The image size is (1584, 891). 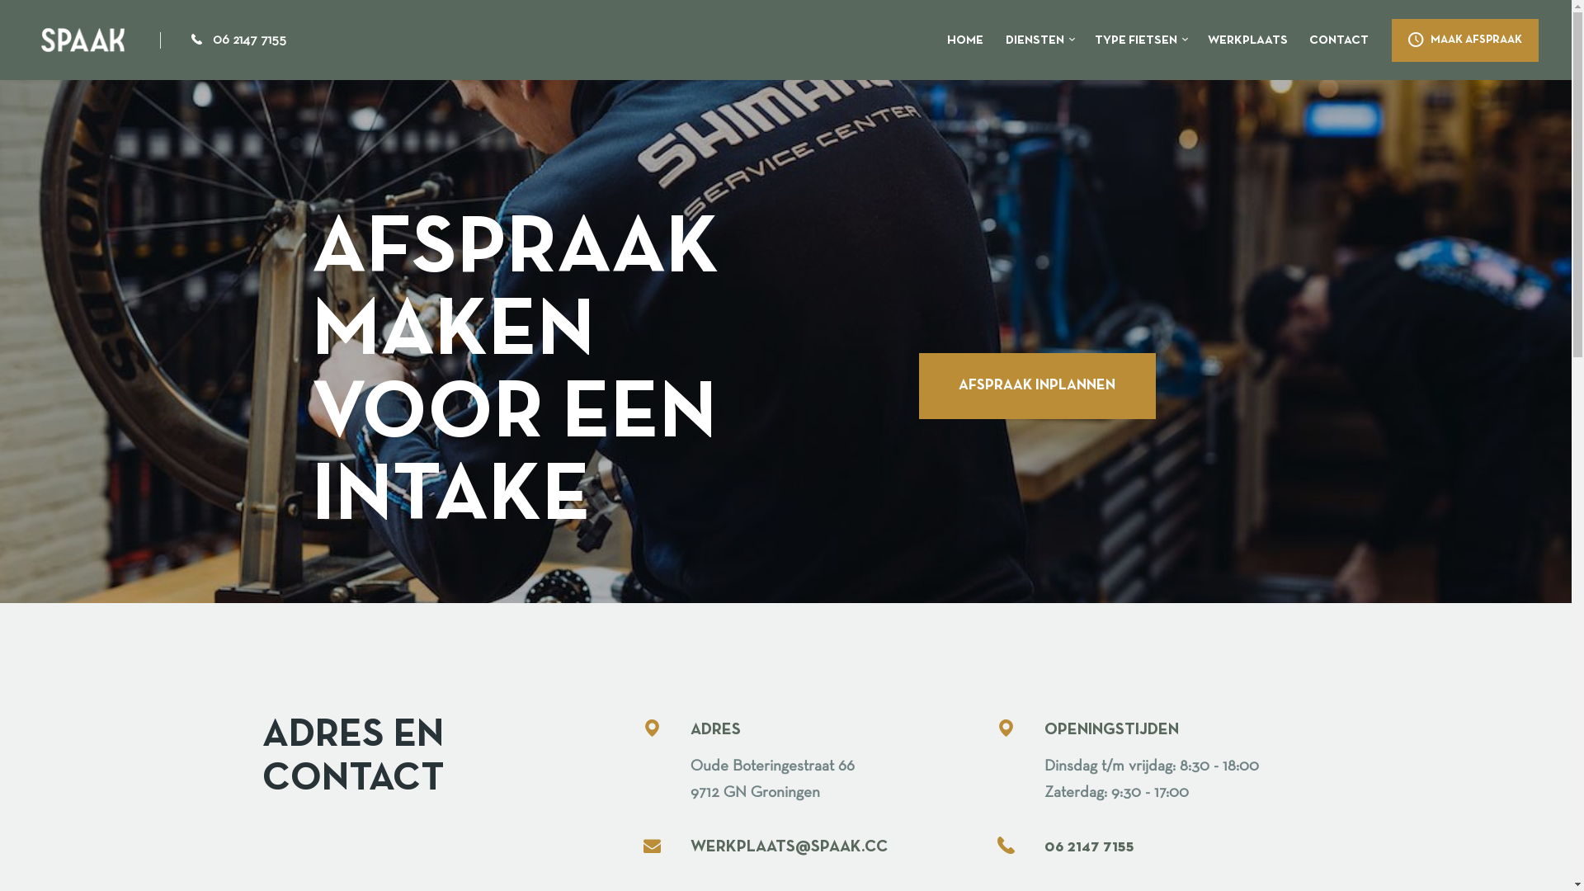 What do you see at coordinates (1191, 40) in the screenshot?
I see `'WERKPLAATS'` at bounding box center [1191, 40].